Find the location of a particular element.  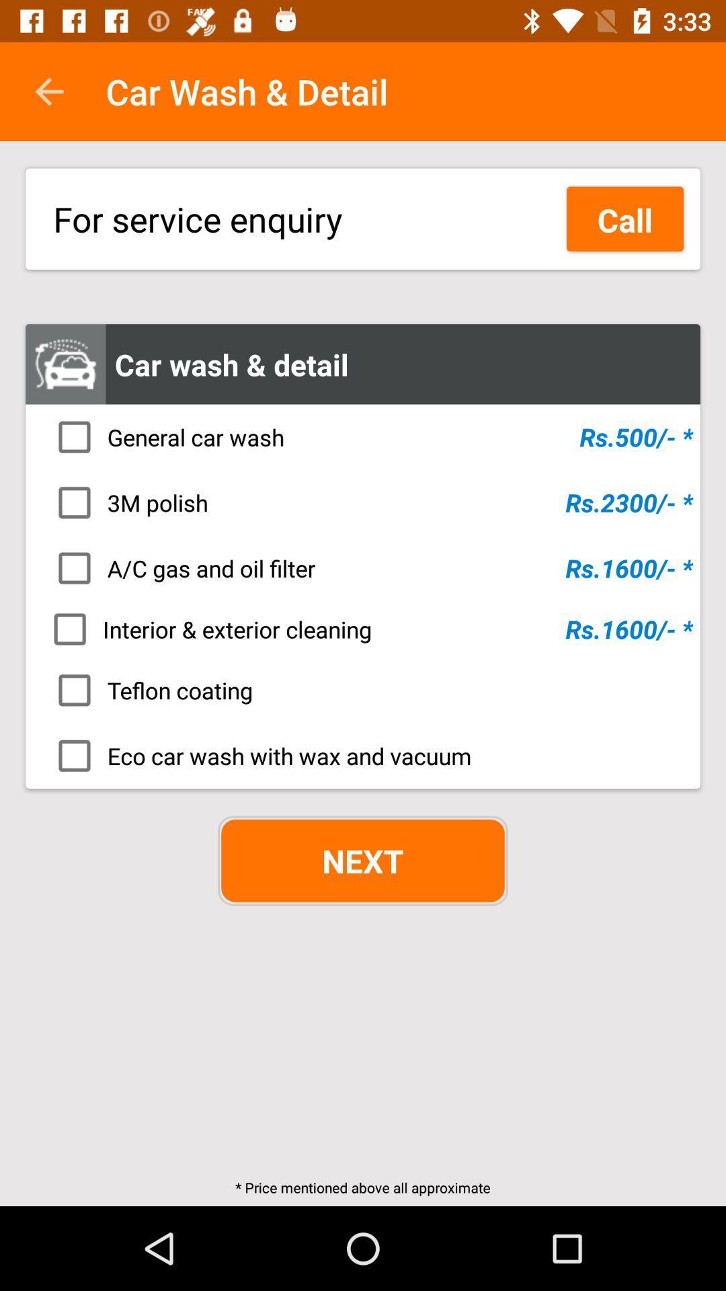

the item below eco car wash is located at coordinates (363, 861).